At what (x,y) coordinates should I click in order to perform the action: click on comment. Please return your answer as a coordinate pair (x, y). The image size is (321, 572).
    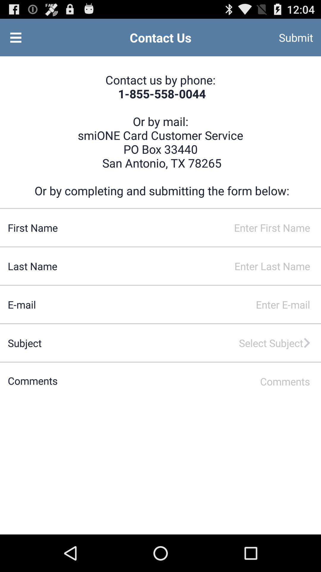
    Looking at the image, I should click on (189, 381).